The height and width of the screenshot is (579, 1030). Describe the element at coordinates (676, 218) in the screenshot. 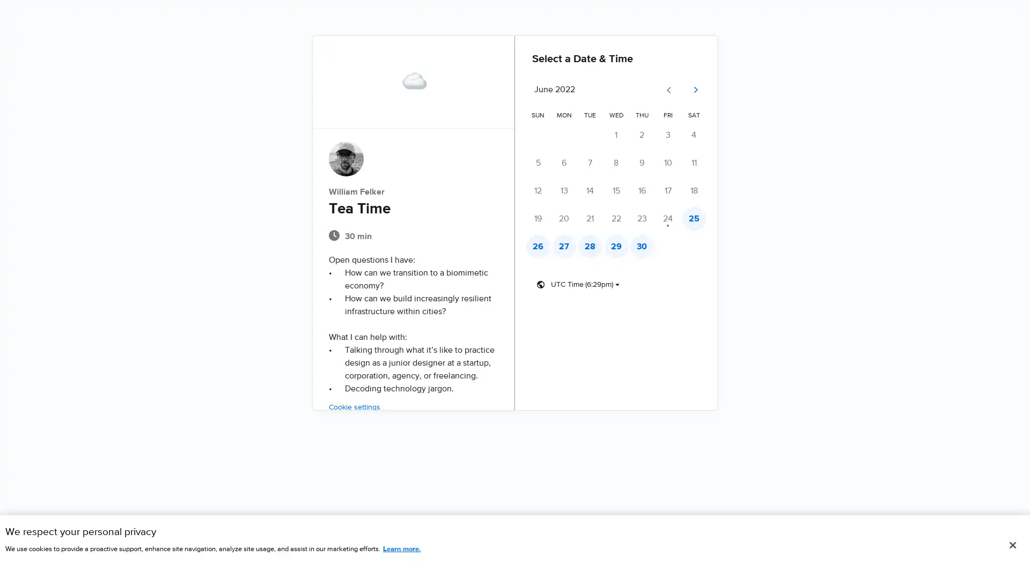

I see `Friday, June 24 - No times available` at that location.